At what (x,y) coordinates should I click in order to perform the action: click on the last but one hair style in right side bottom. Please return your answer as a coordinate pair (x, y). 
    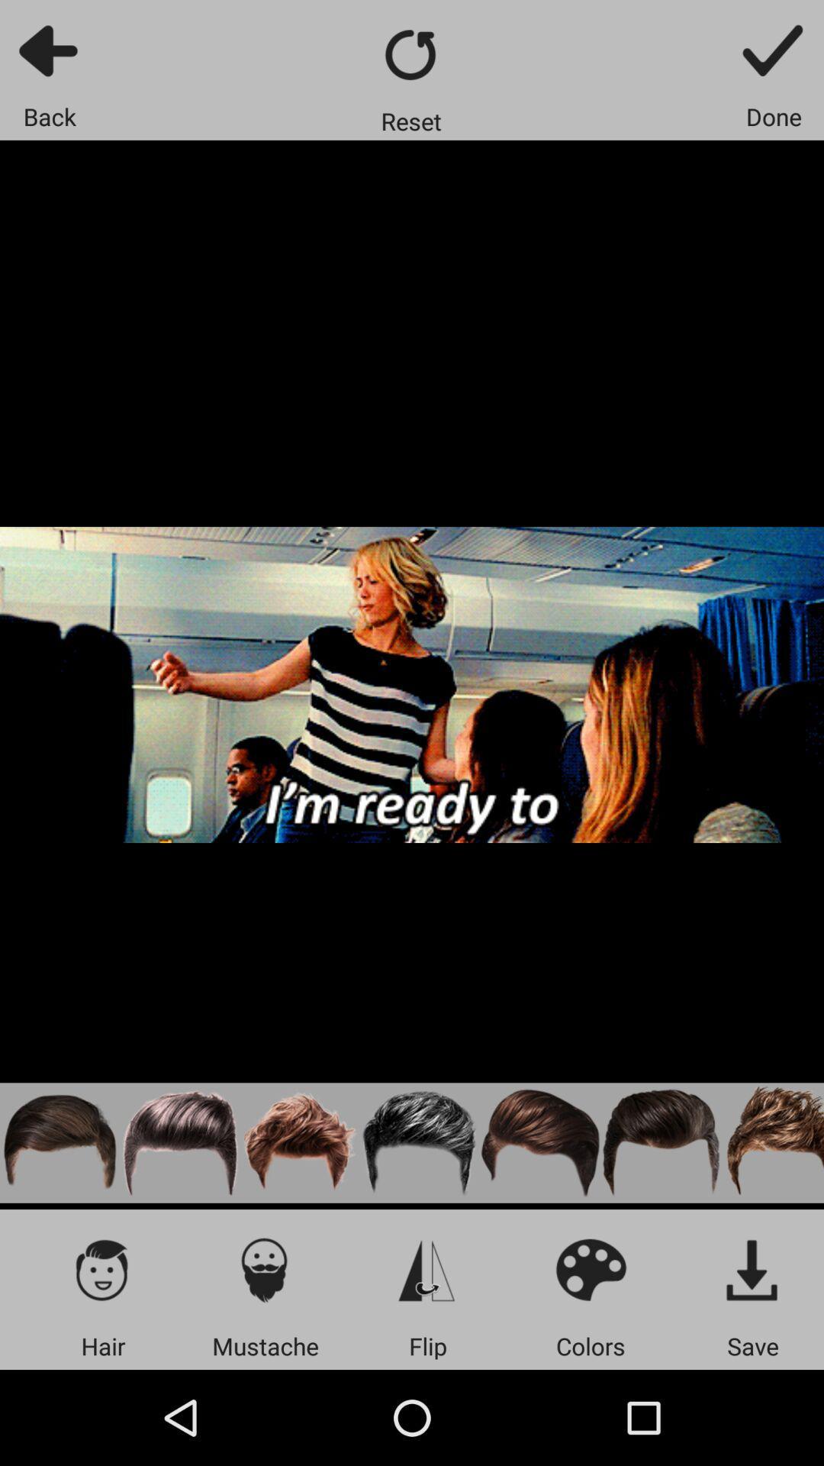
    Looking at the image, I should click on (660, 1143).